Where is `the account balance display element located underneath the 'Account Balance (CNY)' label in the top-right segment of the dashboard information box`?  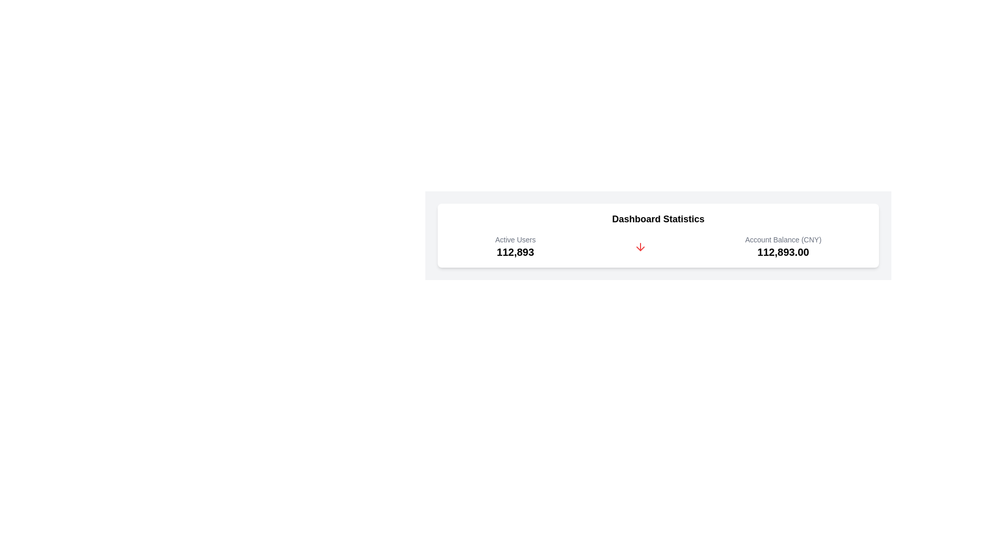
the account balance display element located underneath the 'Account Balance (CNY)' label in the top-right segment of the dashboard information box is located at coordinates (783, 252).